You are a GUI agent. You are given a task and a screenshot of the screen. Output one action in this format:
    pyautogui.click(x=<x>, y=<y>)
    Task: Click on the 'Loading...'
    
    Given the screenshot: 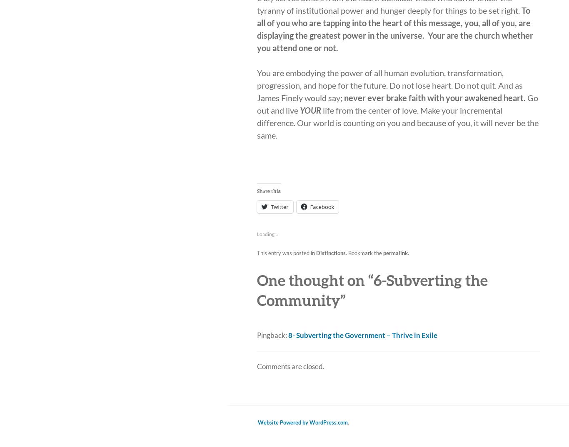 What is the action you would take?
    pyautogui.click(x=267, y=233)
    